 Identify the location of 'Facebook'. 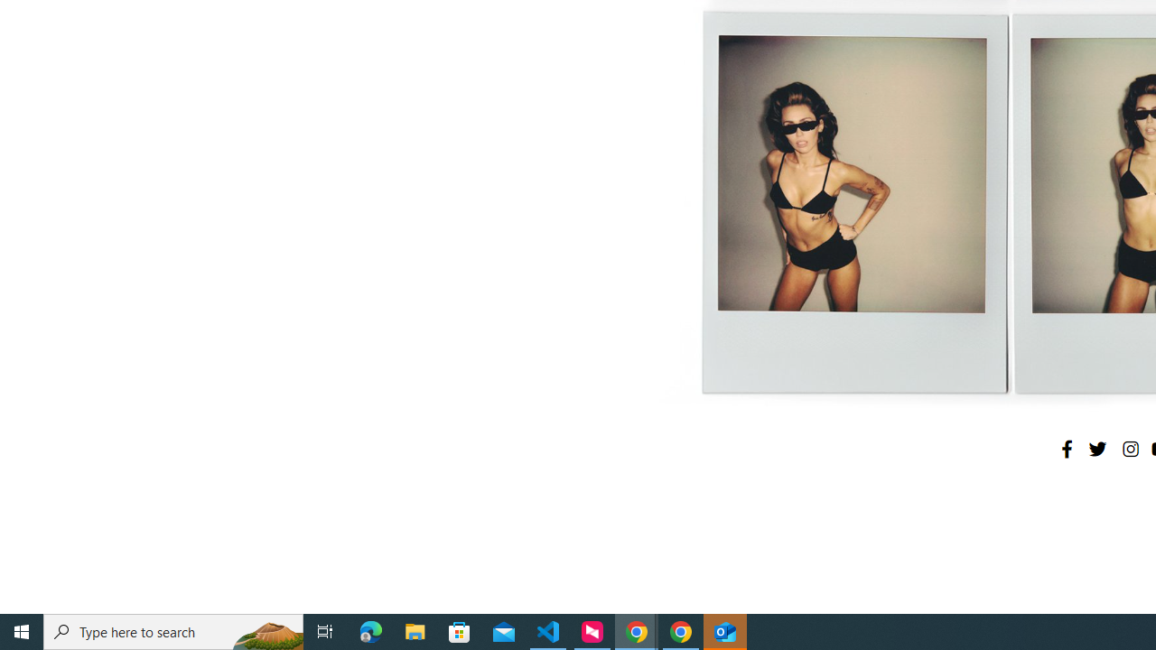
(1067, 448).